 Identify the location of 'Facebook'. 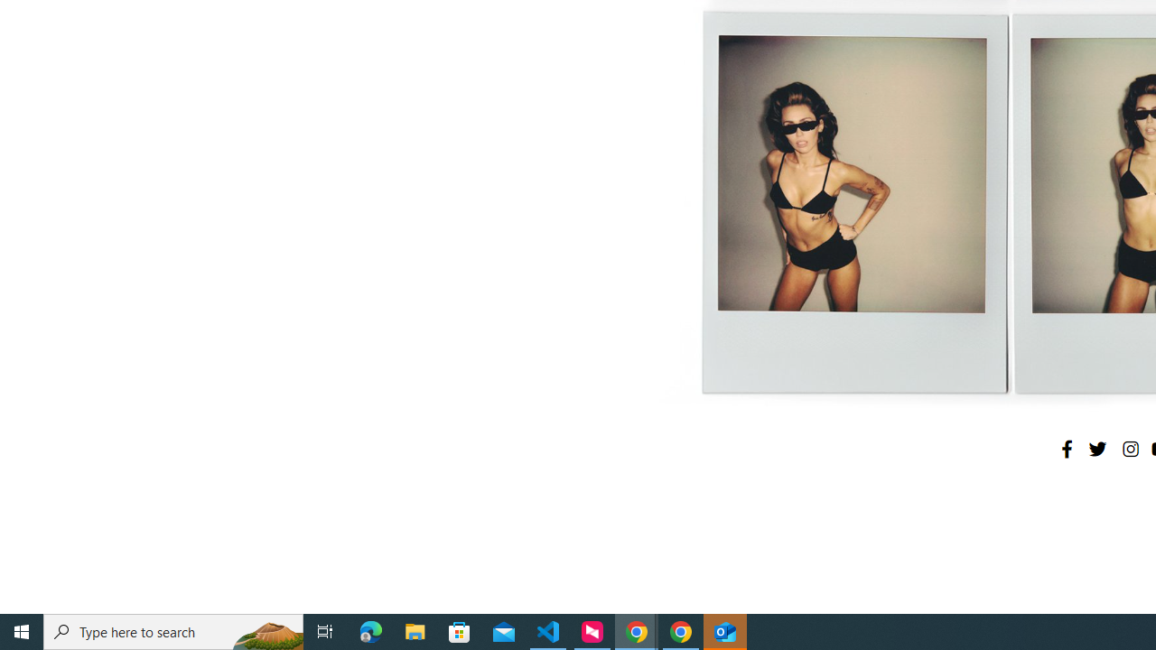
(1067, 448).